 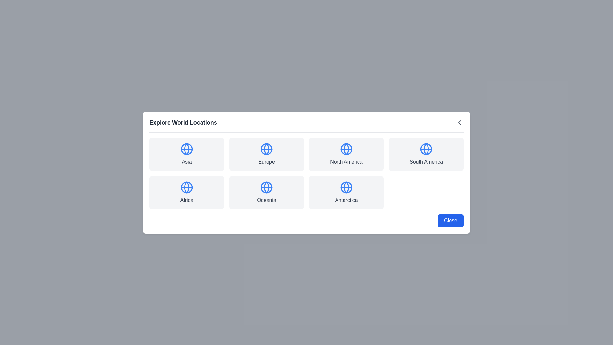 What do you see at coordinates (186, 192) in the screenshot?
I see `the location Africa to select it` at bounding box center [186, 192].